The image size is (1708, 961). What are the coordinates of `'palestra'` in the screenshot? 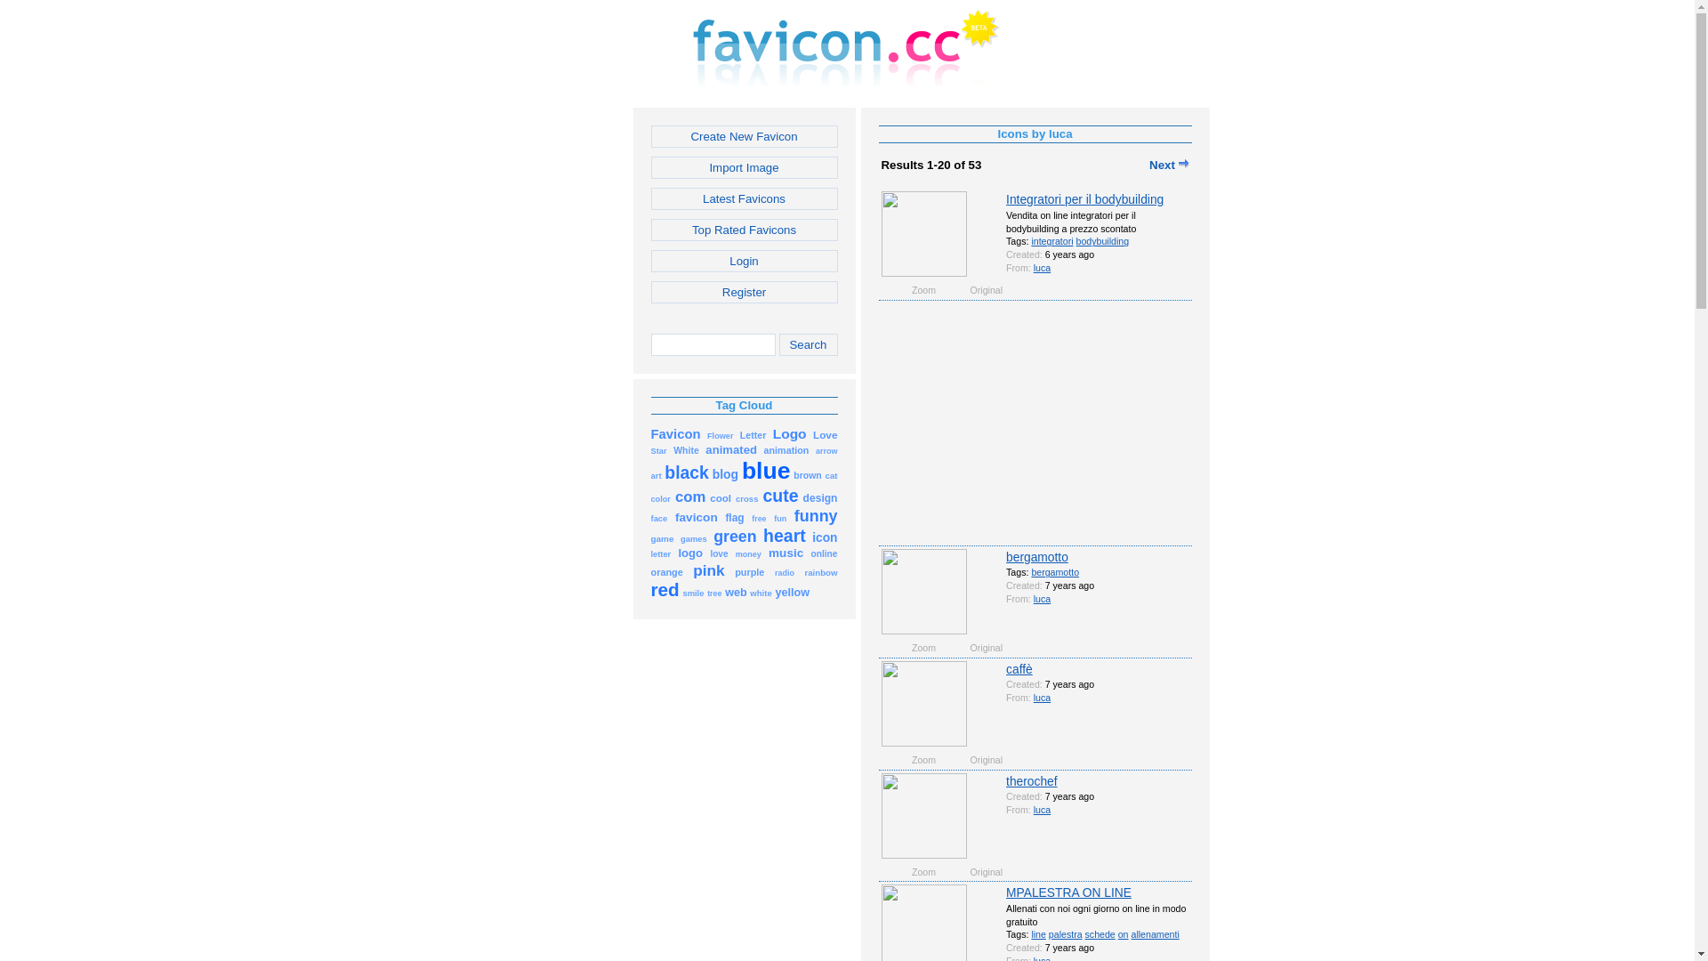 It's located at (1066, 933).